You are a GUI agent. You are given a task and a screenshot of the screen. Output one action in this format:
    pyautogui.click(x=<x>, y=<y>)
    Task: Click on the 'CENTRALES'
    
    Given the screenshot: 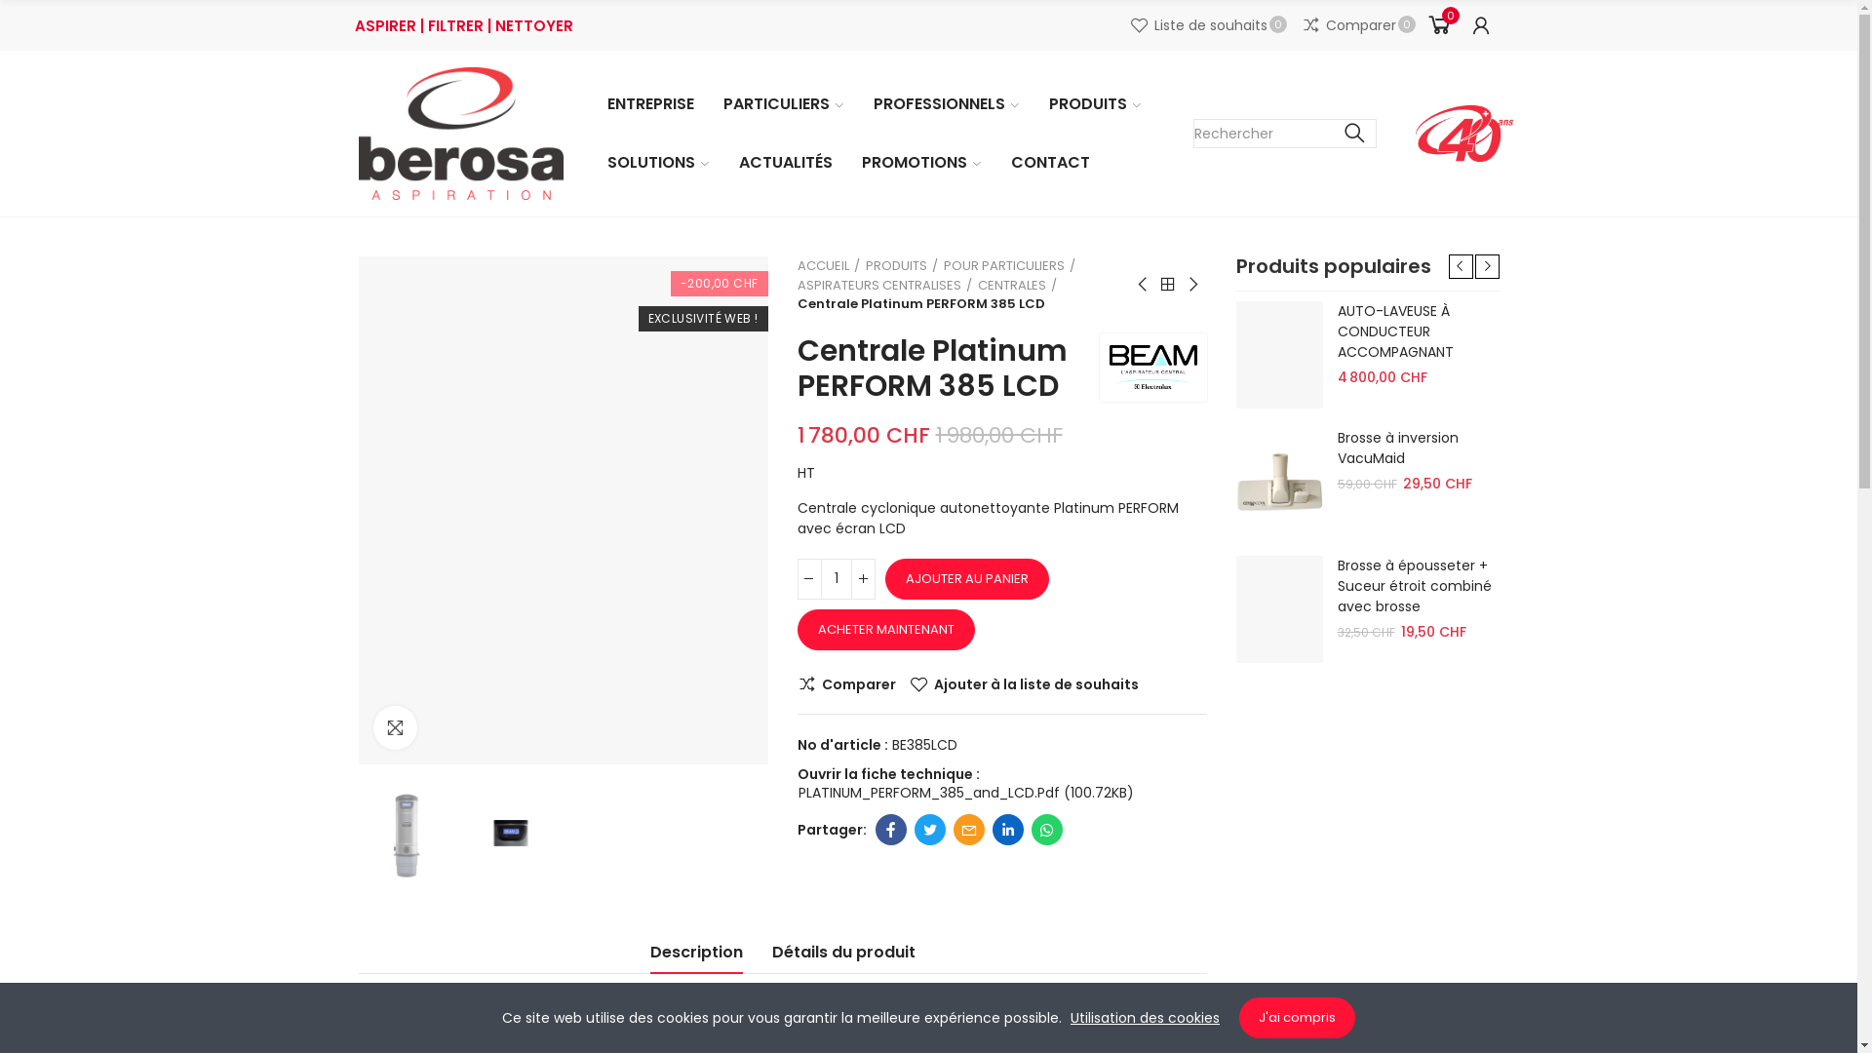 What is the action you would take?
    pyautogui.click(x=977, y=285)
    